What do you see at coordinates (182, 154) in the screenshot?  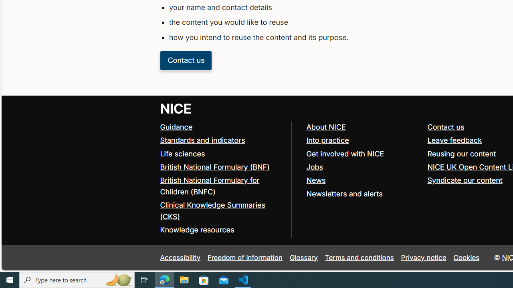 I see `'Life sciences'` at bounding box center [182, 154].